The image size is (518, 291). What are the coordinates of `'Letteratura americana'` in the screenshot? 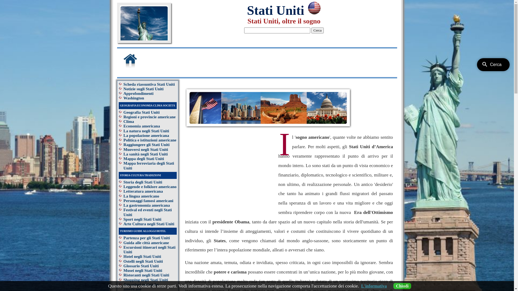 It's located at (143, 191).